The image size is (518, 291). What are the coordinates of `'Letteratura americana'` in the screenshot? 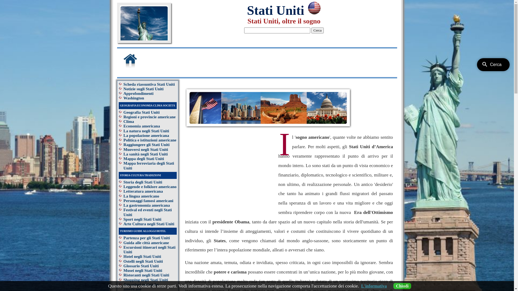 It's located at (143, 191).